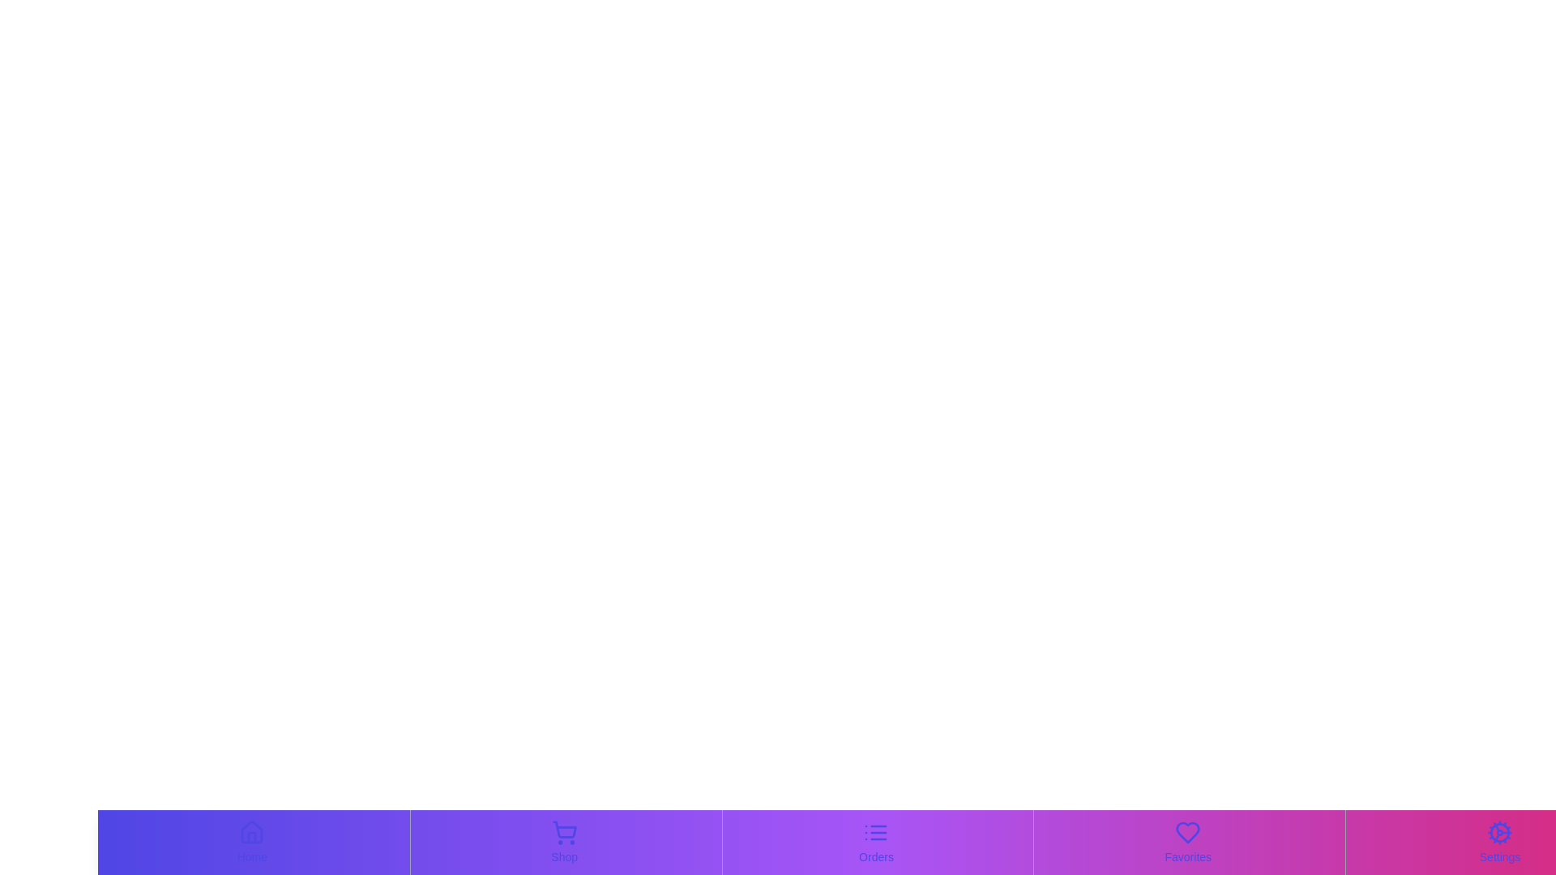  I want to click on the Settings navigation tab, so click(1499, 842).